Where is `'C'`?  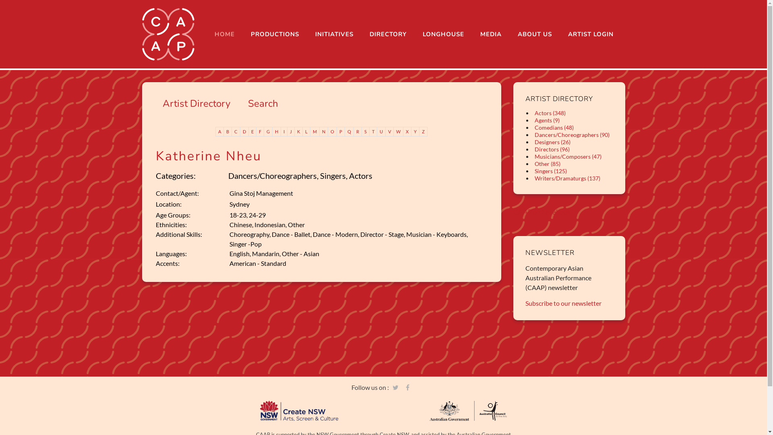 'C' is located at coordinates (231, 131).